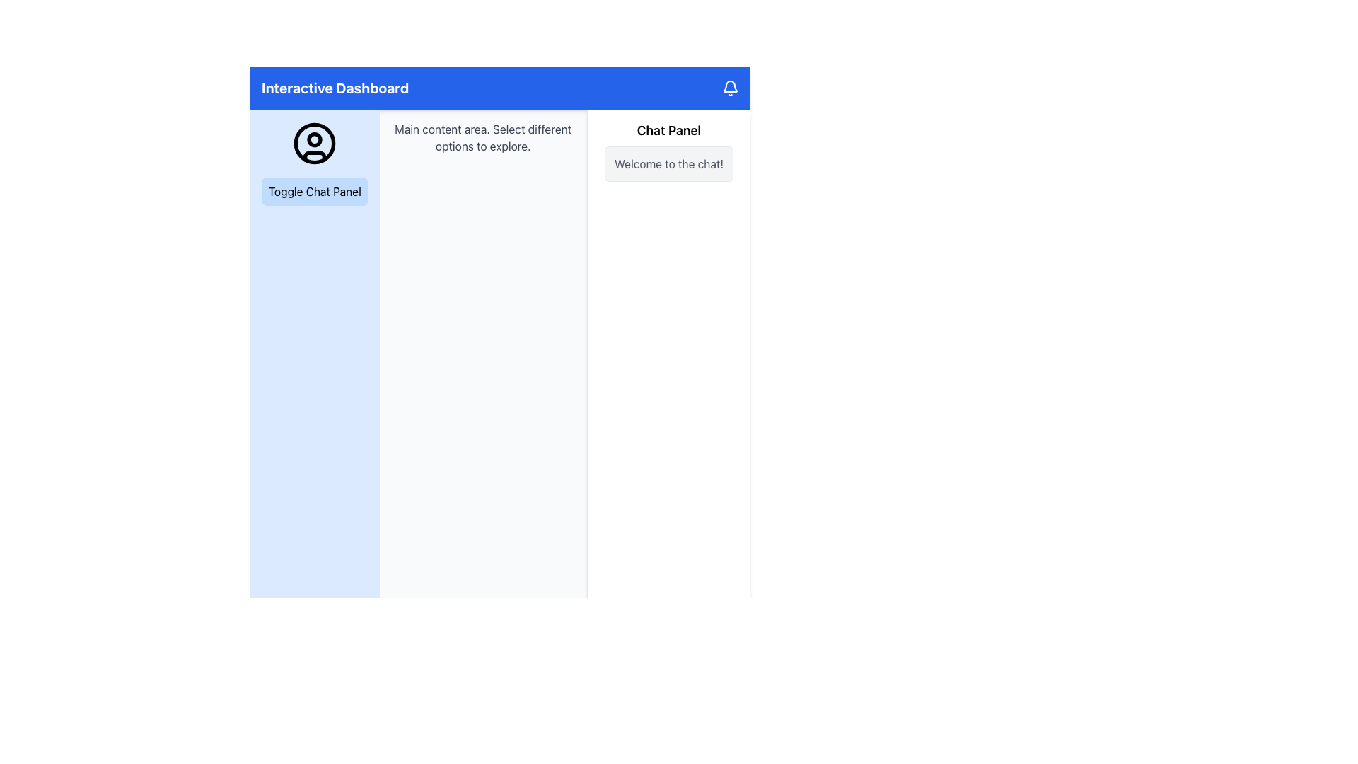 The width and height of the screenshot is (1358, 764). What do you see at coordinates (314, 156) in the screenshot?
I see `the decorative curved line resembling a smile located at the bottom of the circular user icon on the left side of the dashboard` at bounding box center [314, 156].